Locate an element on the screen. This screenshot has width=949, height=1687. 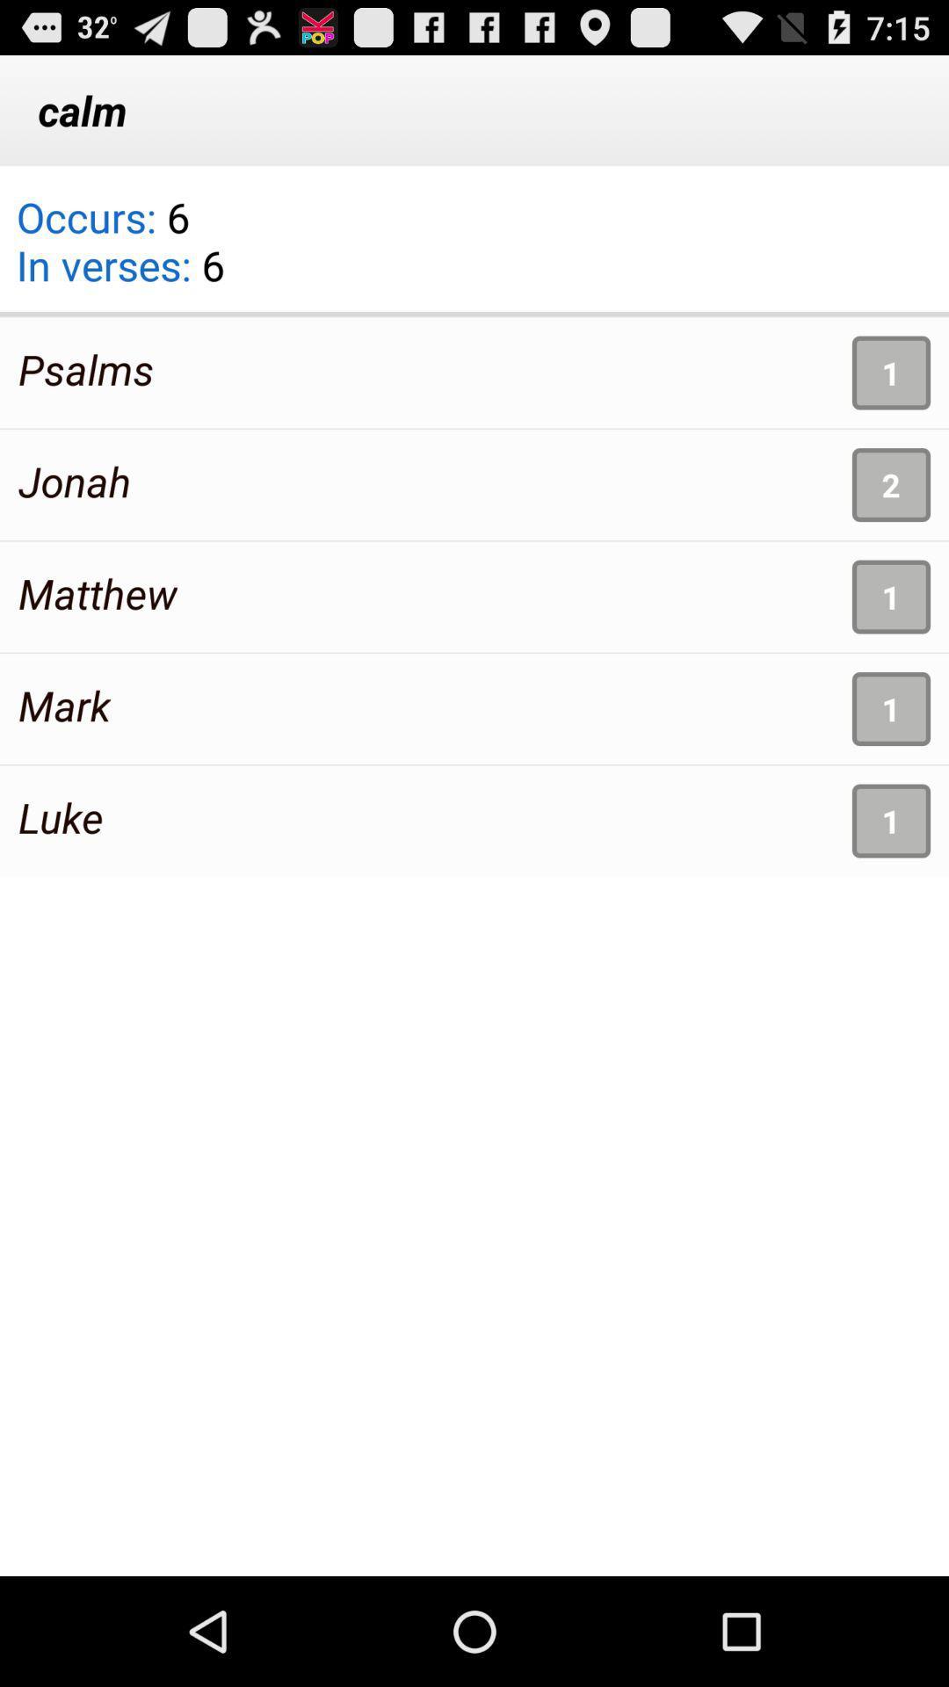
app above the mark item is located at coordinates (98, 593).